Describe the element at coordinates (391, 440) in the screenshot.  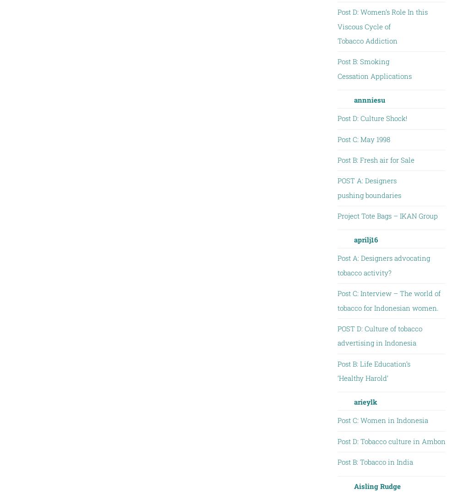
I see `'Post D: Tobacco culture in Ambon'` at that location.